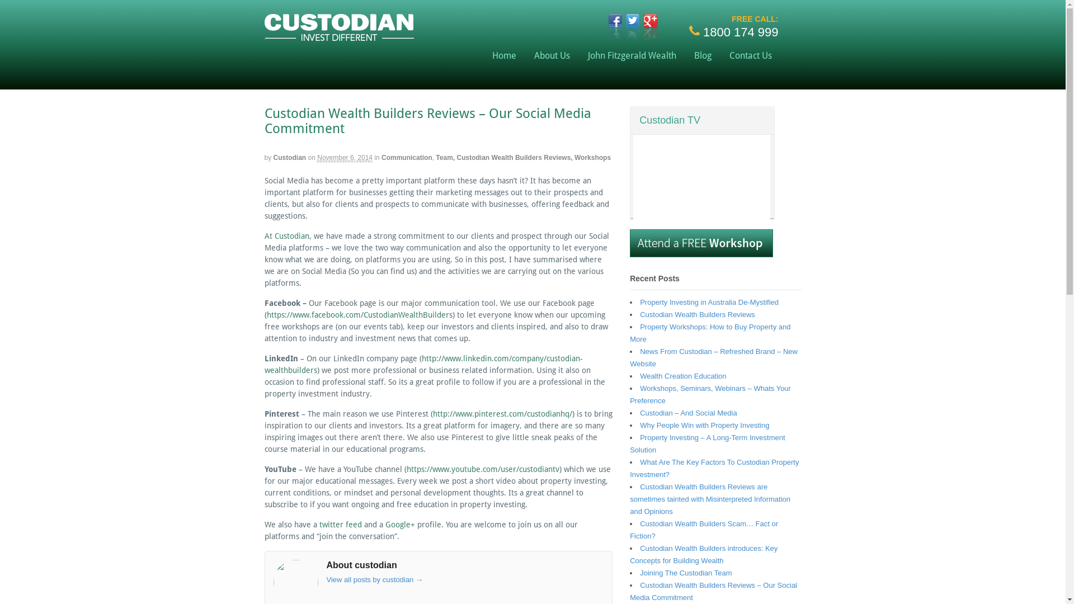 This screenshot has width=1074, height=604. What do you see at coordinates (483, 55) in the screenshot?
I see `'Home'` at bounding box center [483, 55].